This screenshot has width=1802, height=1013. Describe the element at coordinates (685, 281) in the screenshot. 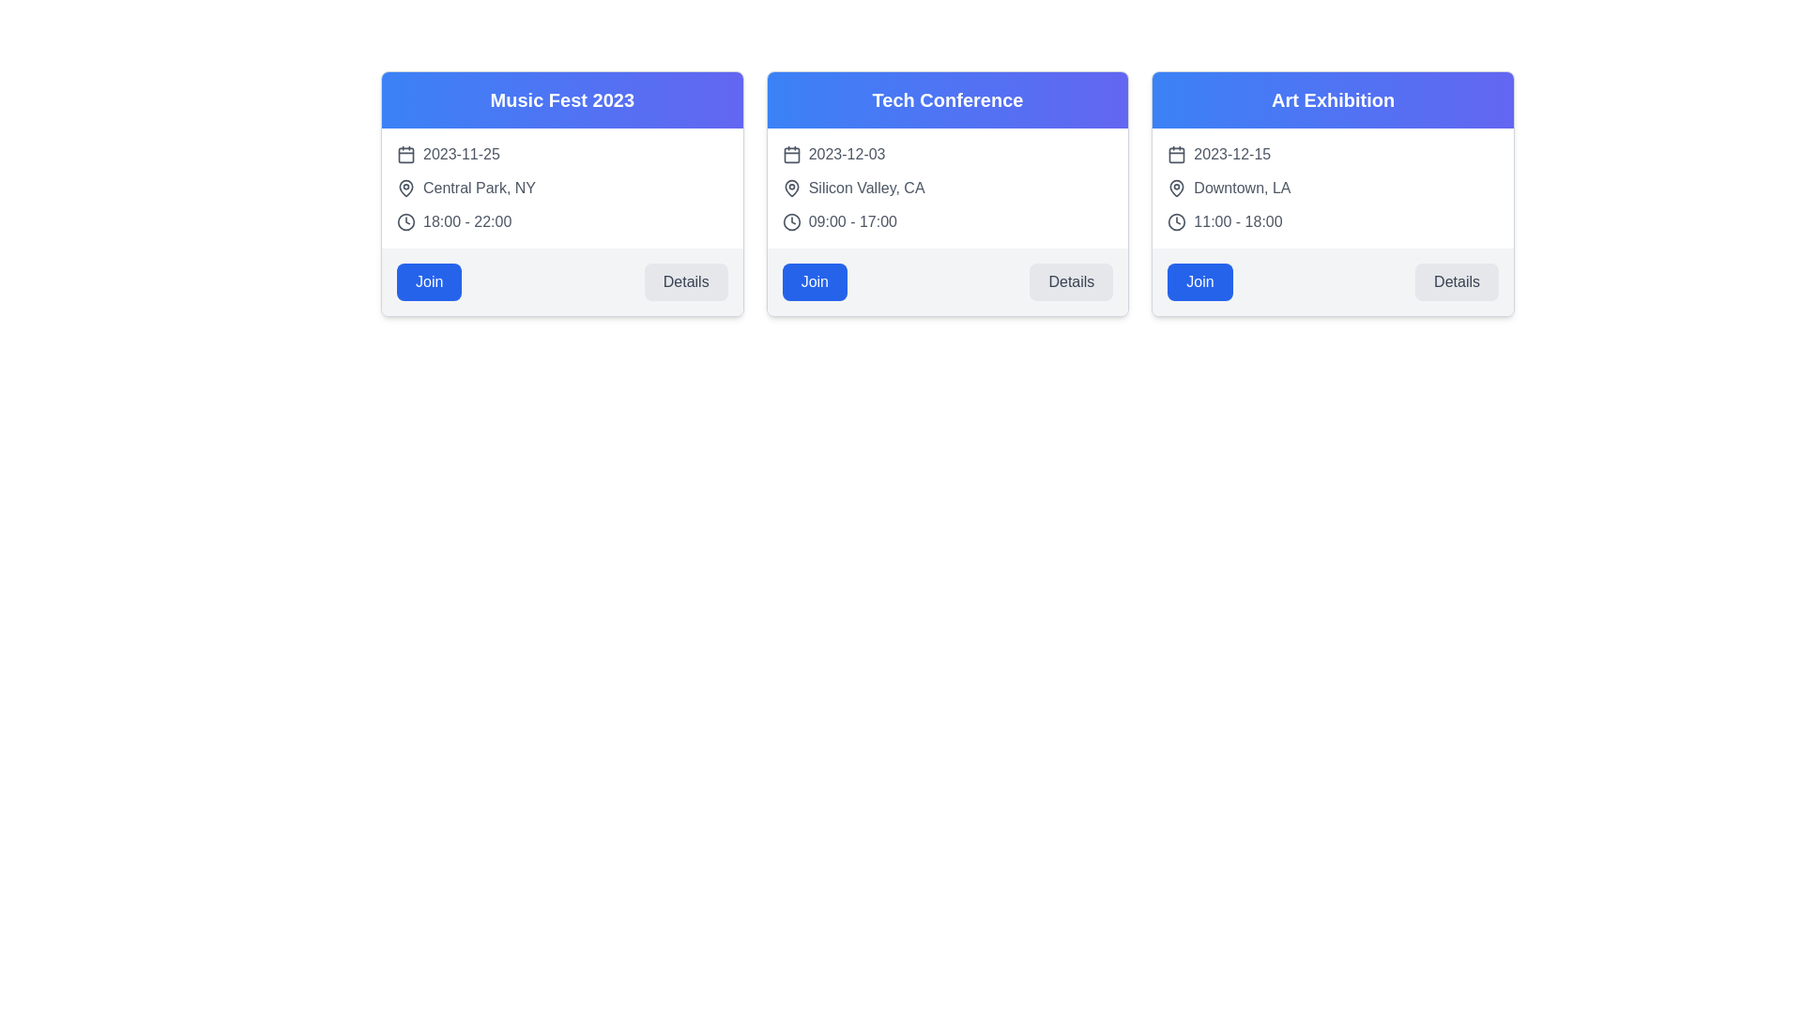

I see `the light-gray button labeled 'Details'` at that location.